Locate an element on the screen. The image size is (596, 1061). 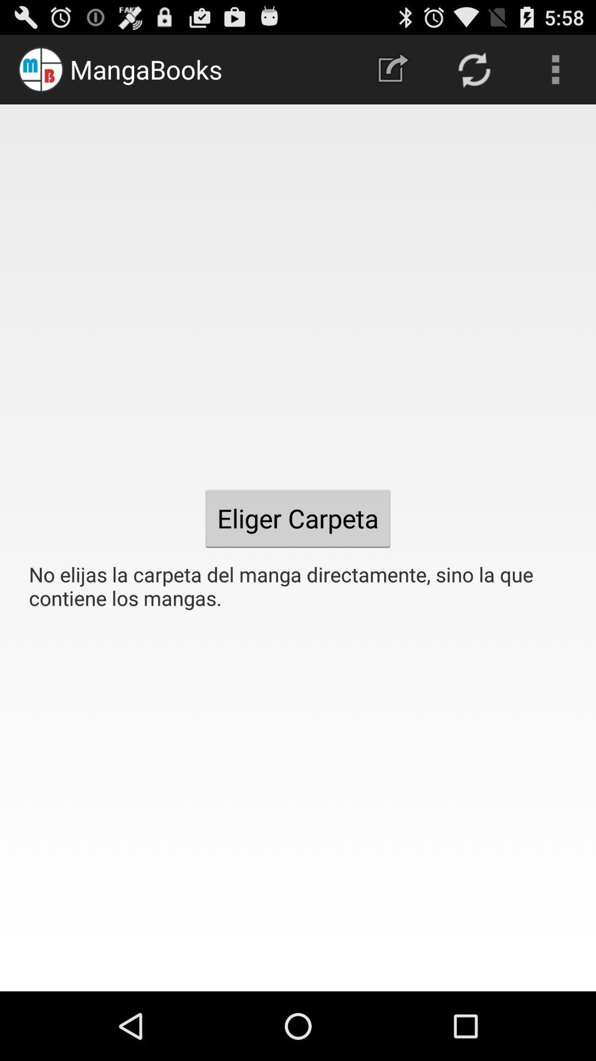
the item to the right of the mangabooks item is located at coordinates (392, 69).